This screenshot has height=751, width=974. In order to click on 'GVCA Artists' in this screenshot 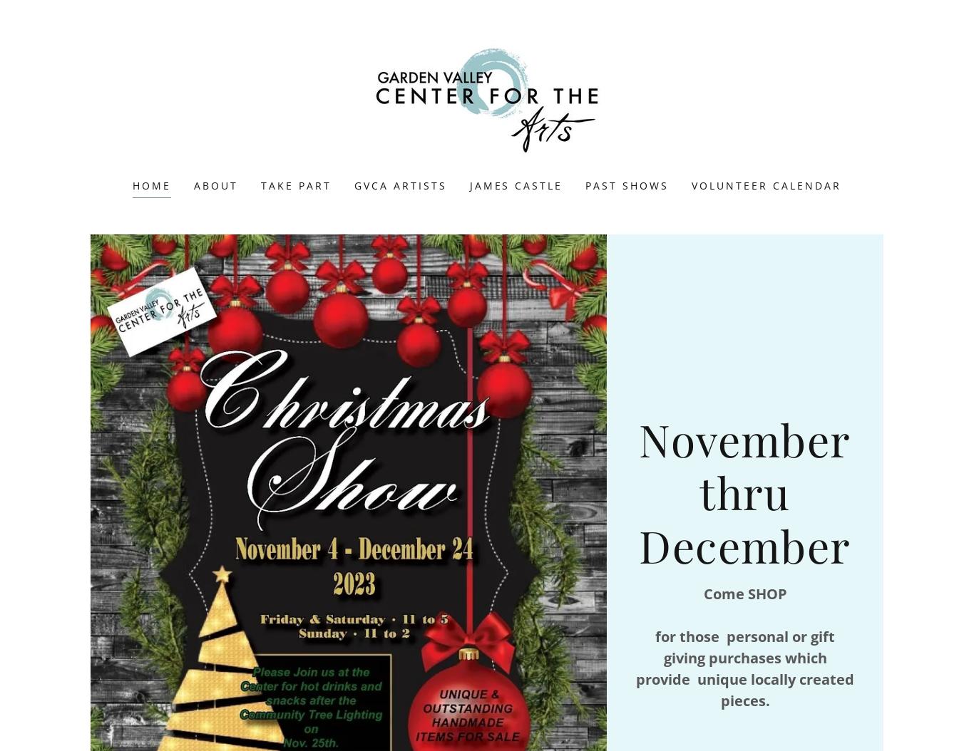, I will do `click(400, 185)`.